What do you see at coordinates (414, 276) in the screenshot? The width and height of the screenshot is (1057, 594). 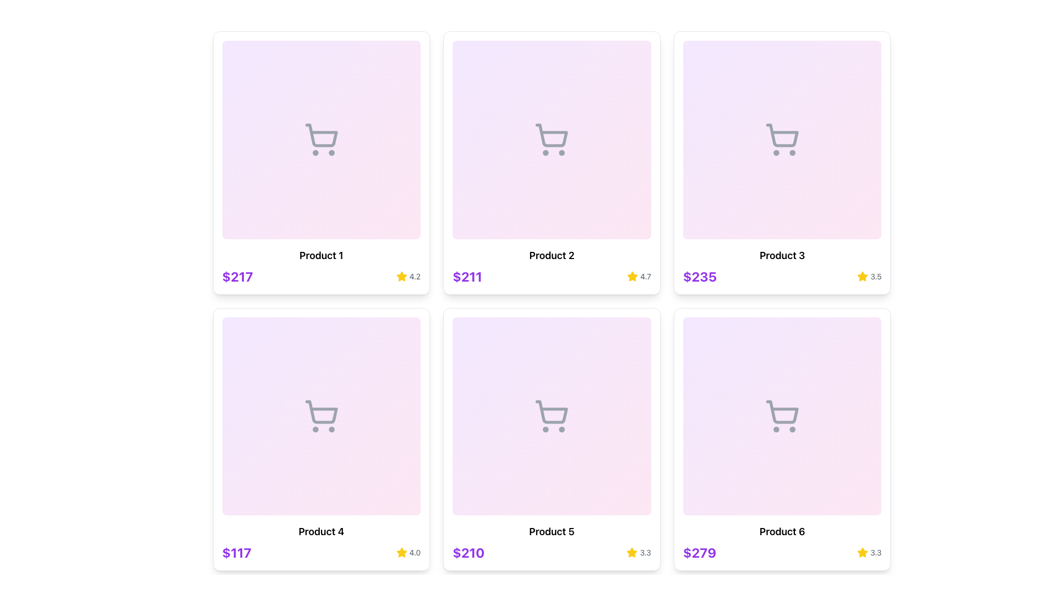 I see `text label displaying the rating score '4.2' located in the bottom-right area of the card for 'Product 1', next to the yellow star icon` at bounding box center [414, 276].